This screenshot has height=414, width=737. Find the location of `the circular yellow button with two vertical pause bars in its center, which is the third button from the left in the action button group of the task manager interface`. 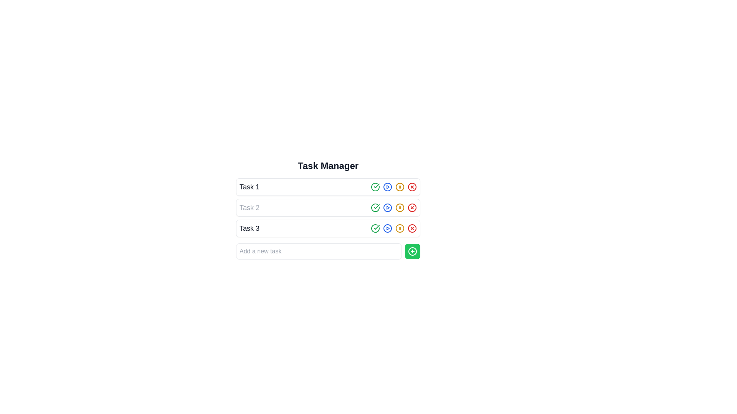

the circular yellow button with two vertical pause bars in its center, which is the third button from the left in the action button group of the task manager interface is located at coordinates (399, 208).